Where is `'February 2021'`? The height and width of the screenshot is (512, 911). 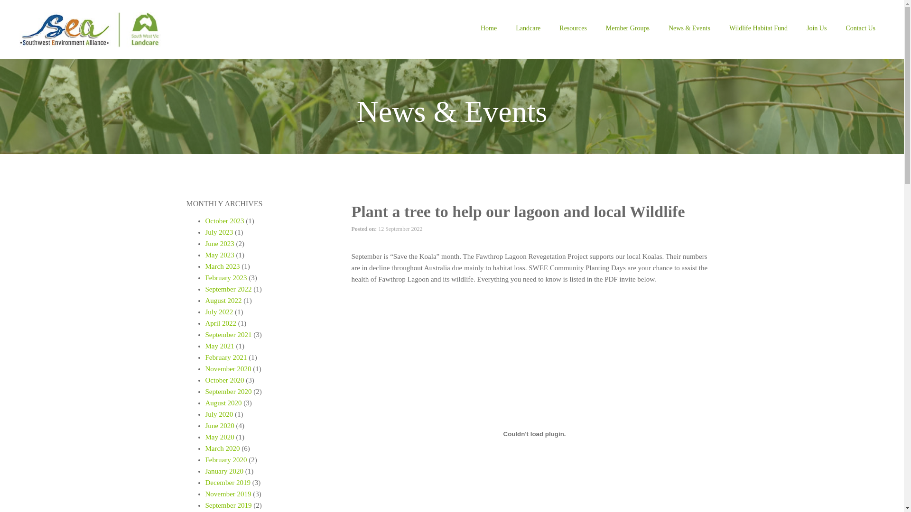
'February 2021' is located at coordinates (225, 357).